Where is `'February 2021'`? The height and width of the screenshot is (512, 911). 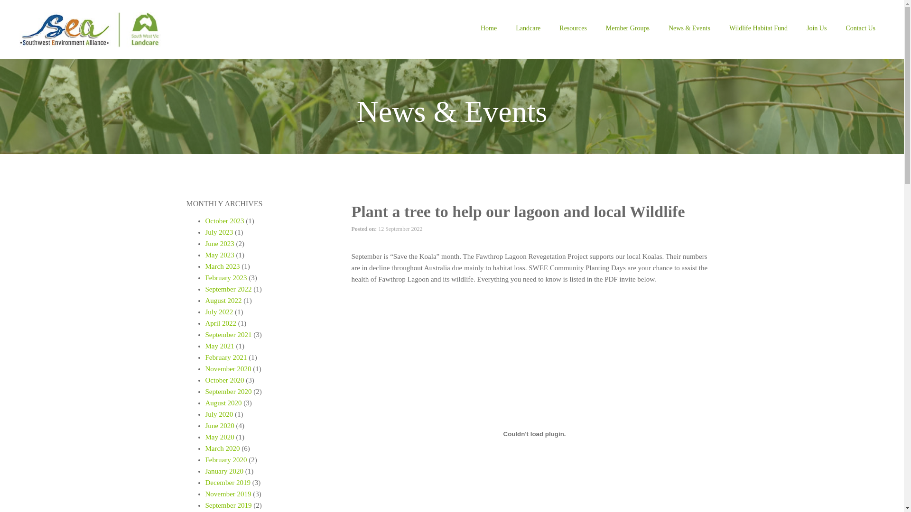
'February 2021' is located at coordinates (225, 357).